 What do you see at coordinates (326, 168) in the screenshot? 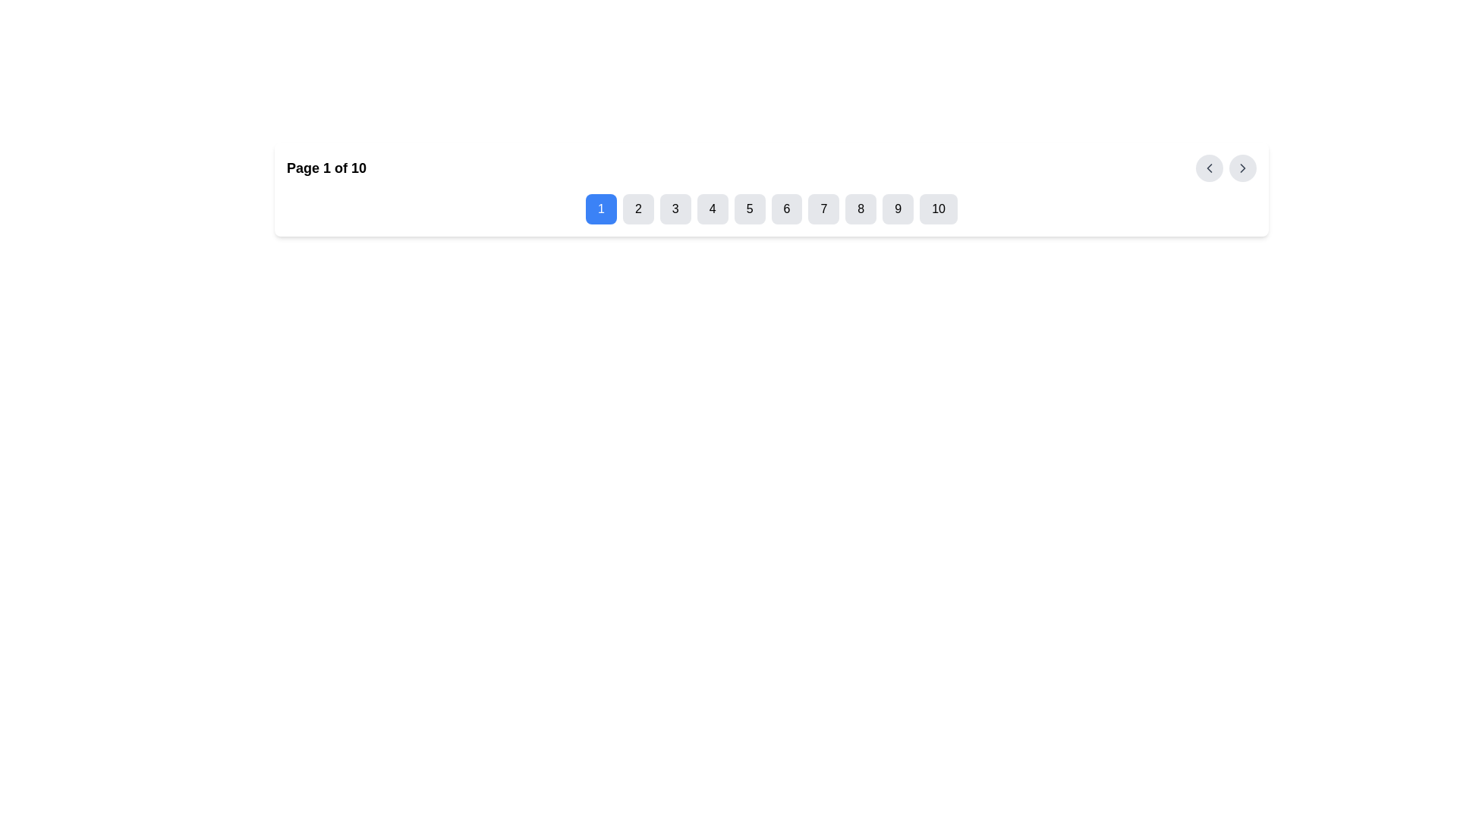
I see `the informational label that indicates the current page number out of the total pages available, located at the top-left region of the page navigation toolbar` at bounding box center [326, 168].